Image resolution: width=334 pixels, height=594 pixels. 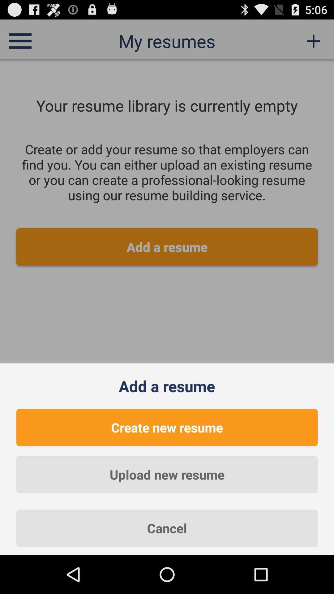 What do you see at coordinates (167, 528) in the screenshot?
I see `the cancel button` at bounding box center [167, 528].